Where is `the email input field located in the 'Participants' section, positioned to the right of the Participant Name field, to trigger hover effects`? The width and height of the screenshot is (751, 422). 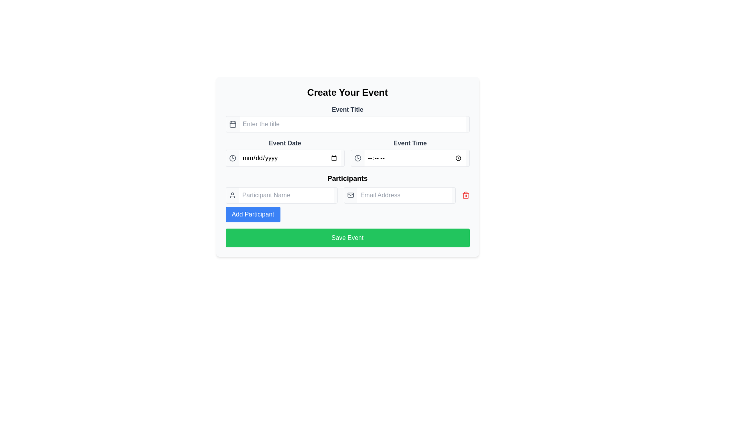 the email input field located in the 'Participants' section, positioned to the right of the Participant Name field, to trigger hover effects is located at coordinates (399, 195).